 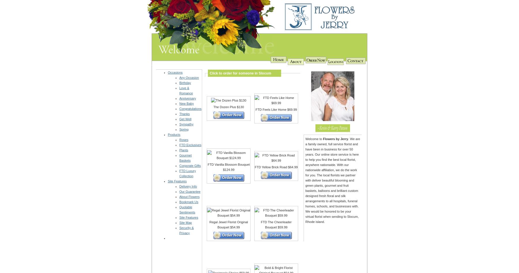 I want to click on 'Regal Jewel Florist Original Bouquet $54.99', so click(x=229, y=225).